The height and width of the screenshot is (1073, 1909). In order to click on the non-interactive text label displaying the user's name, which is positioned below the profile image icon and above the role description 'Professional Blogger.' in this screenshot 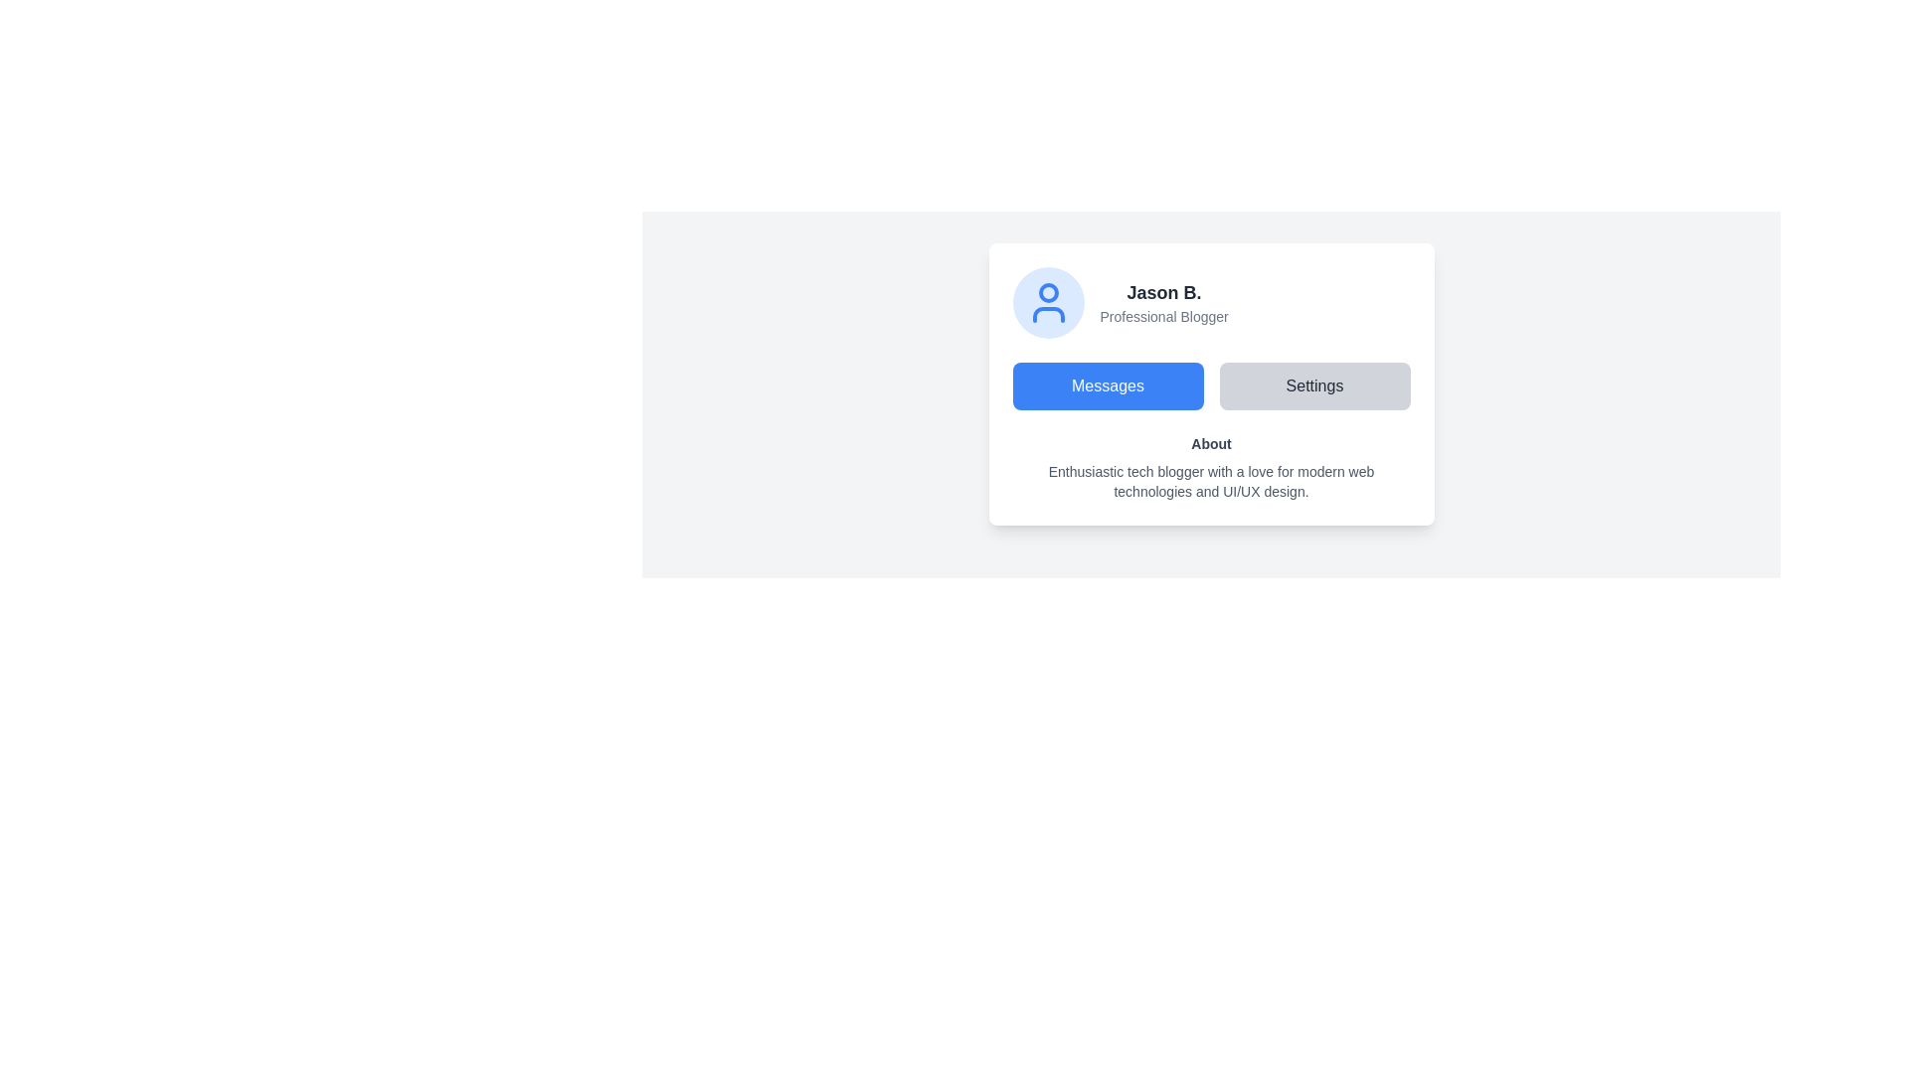, I will do `click(1164, 292)`.